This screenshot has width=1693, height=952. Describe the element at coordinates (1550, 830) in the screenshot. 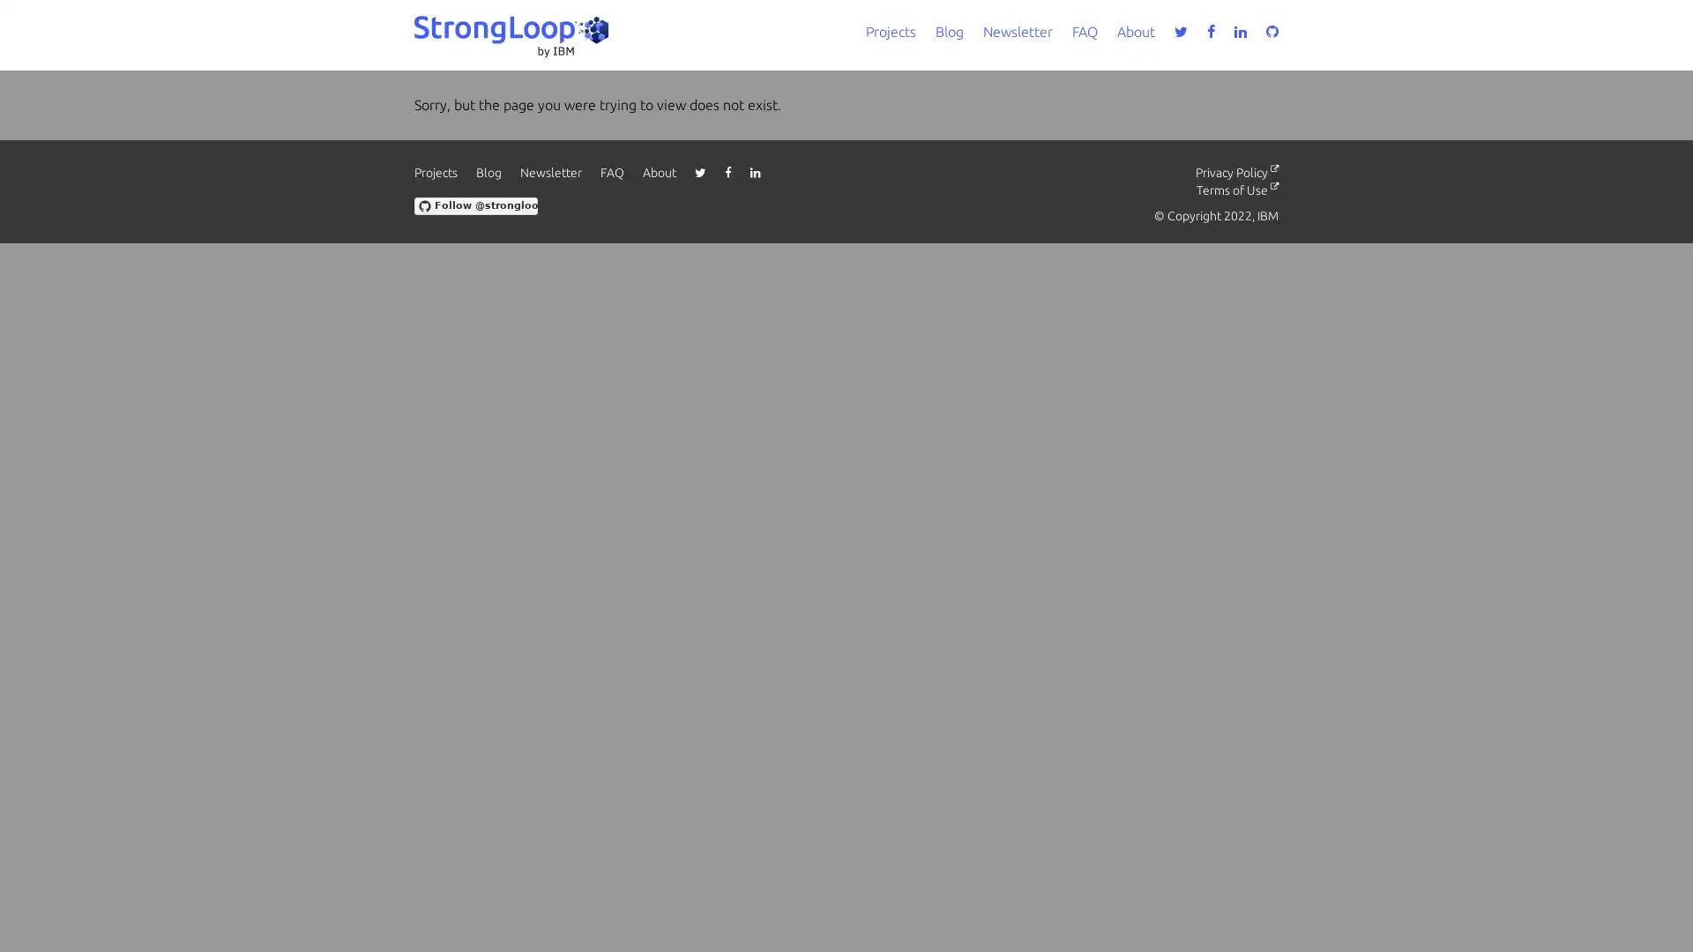

I see `Accept all` at that location.